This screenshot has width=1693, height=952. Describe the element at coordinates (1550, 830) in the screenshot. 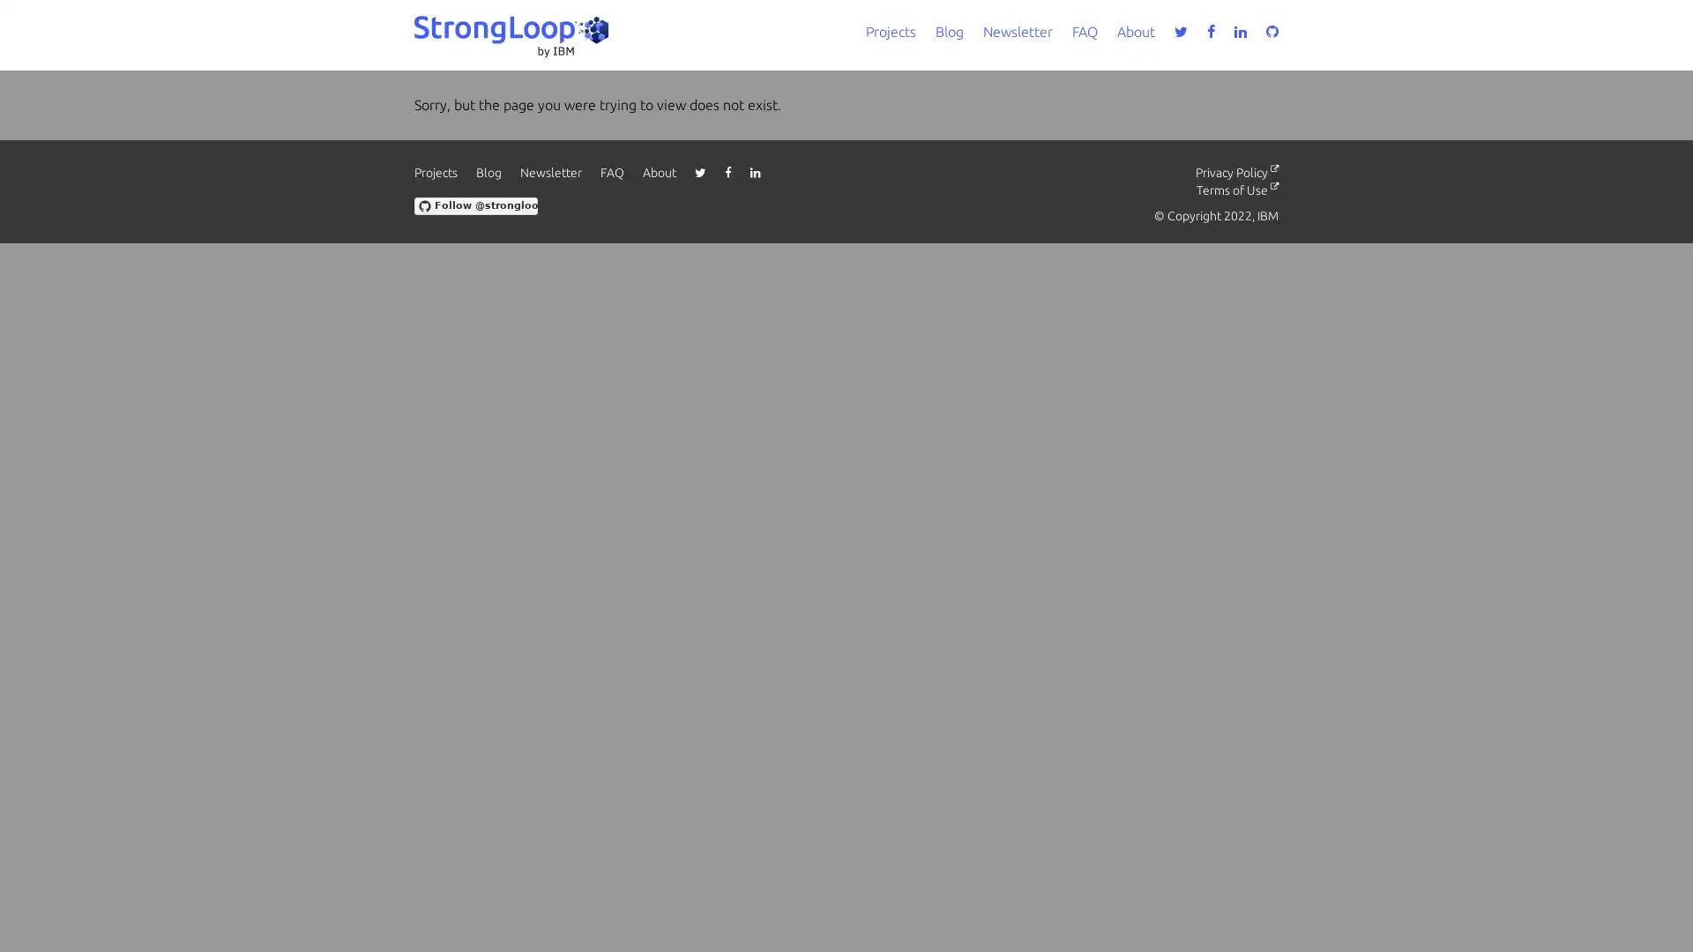

I see `Accept all` at that location.